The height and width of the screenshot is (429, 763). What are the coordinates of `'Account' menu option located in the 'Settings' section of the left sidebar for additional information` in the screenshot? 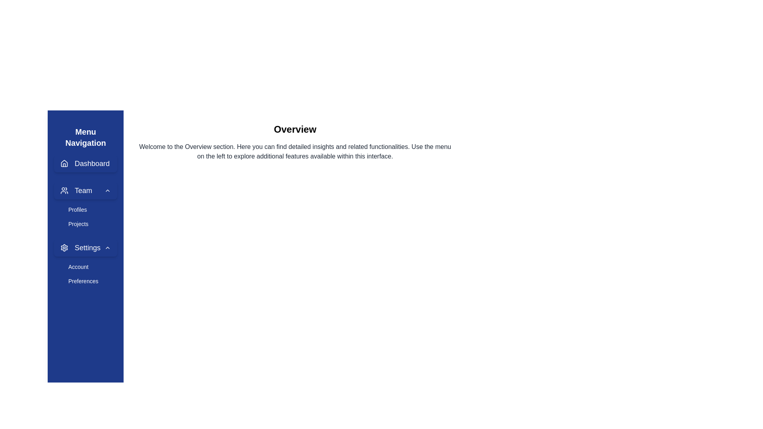 It's located at (85, 263).